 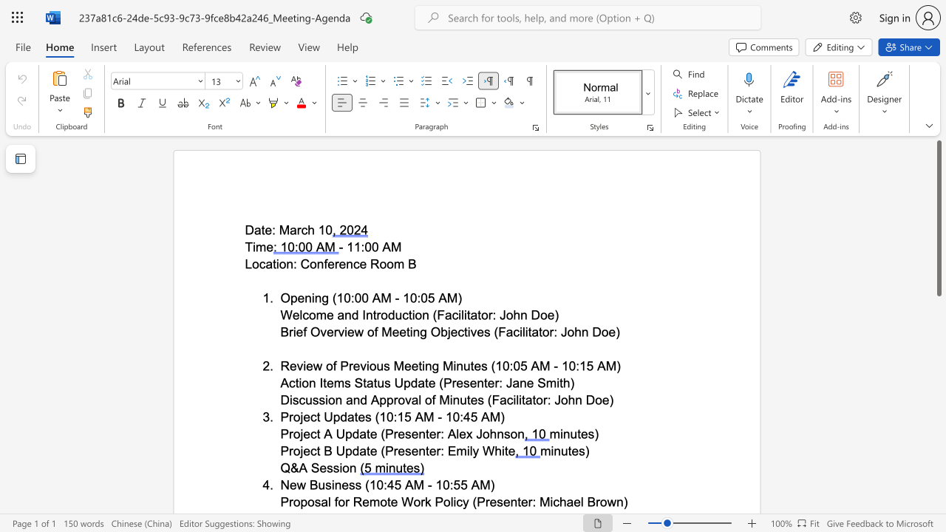 I want to click on the 1th character "a" in the text, so click(x=269, y=263).